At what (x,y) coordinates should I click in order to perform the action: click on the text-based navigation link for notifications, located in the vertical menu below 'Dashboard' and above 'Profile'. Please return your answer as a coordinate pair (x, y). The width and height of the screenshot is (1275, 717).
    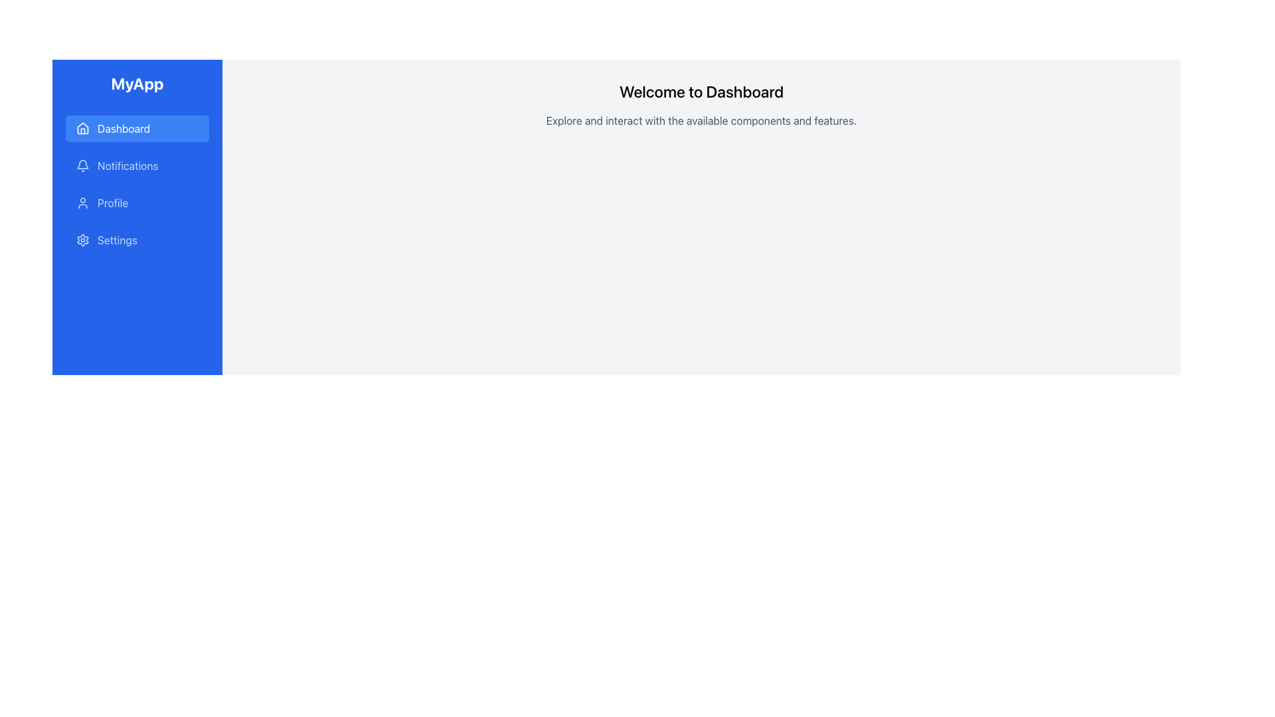
    Looking at the image, I should click on (127, 165).